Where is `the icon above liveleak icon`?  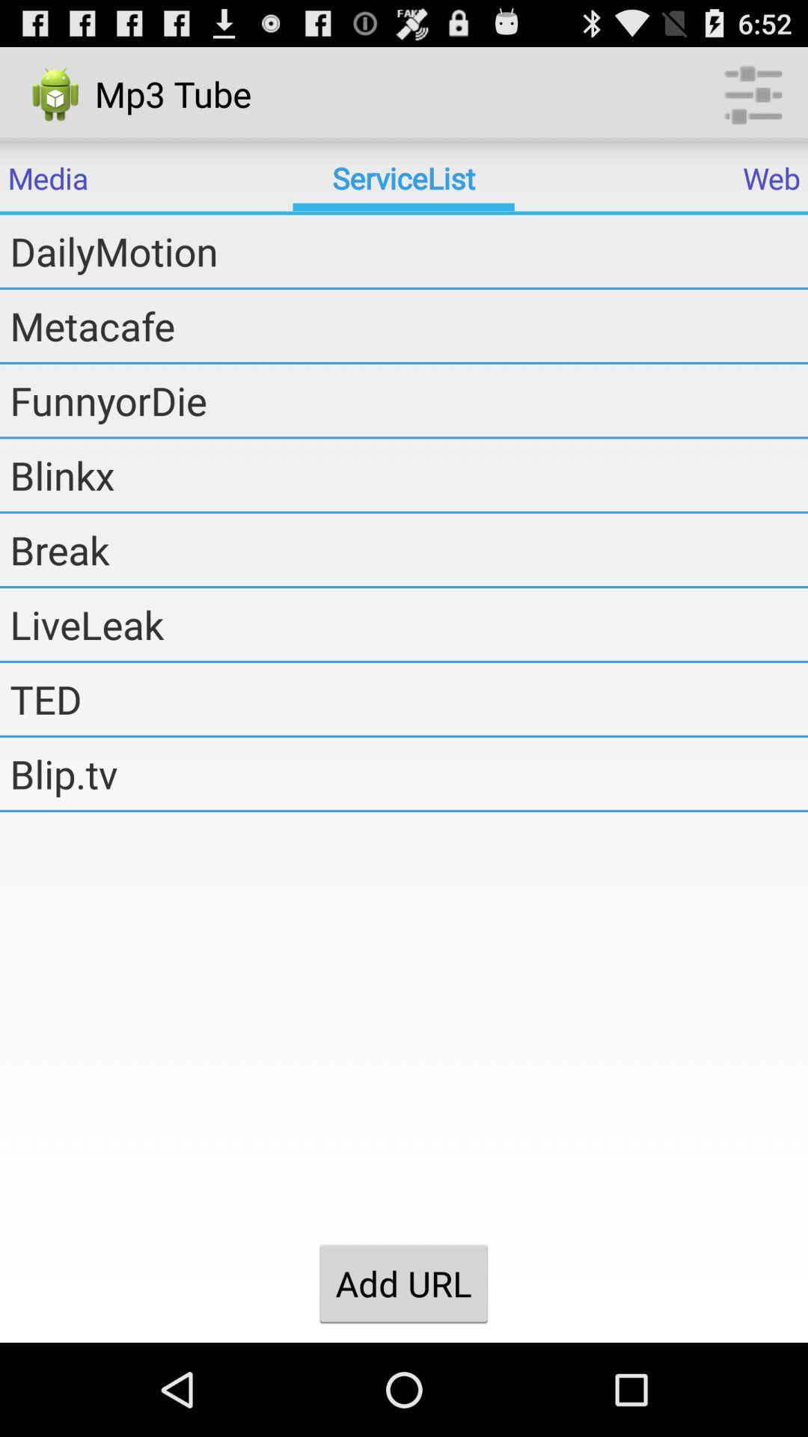 the icon above liveleak icon is located at coordinates (408, 549).